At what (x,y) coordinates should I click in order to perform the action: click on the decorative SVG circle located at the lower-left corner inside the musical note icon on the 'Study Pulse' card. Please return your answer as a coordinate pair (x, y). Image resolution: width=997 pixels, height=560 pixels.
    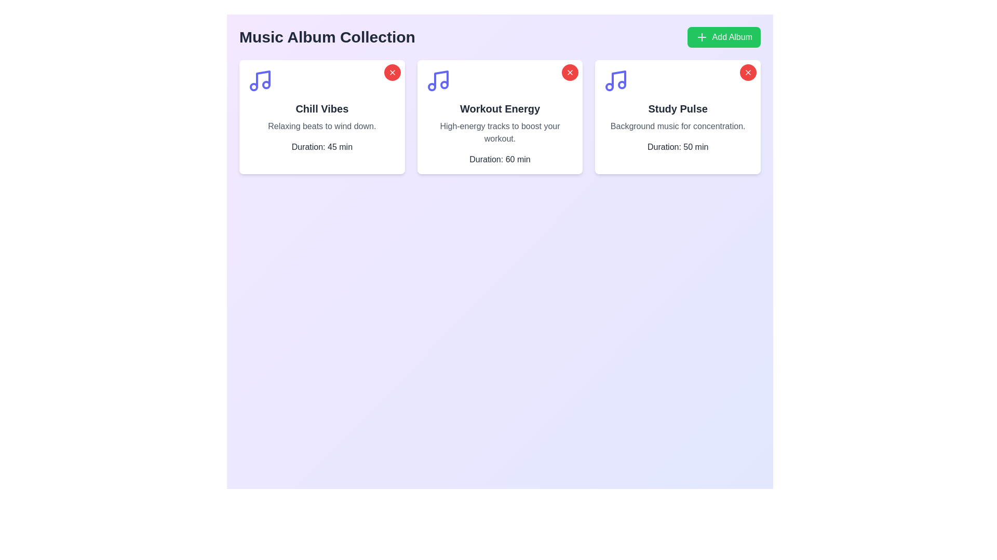
    Looking at the image, I should click on (610, 87).